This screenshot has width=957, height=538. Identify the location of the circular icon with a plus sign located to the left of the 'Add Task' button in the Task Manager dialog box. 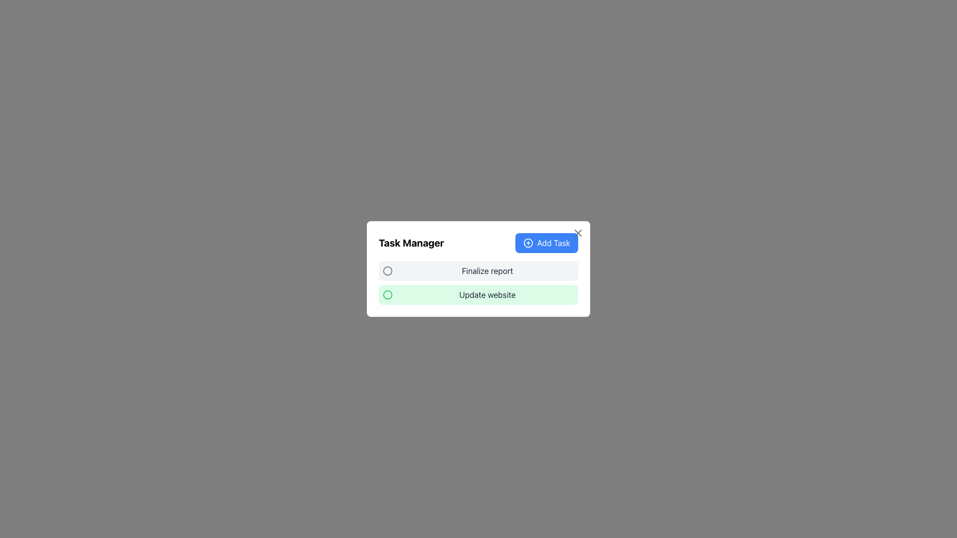
(527, 243).